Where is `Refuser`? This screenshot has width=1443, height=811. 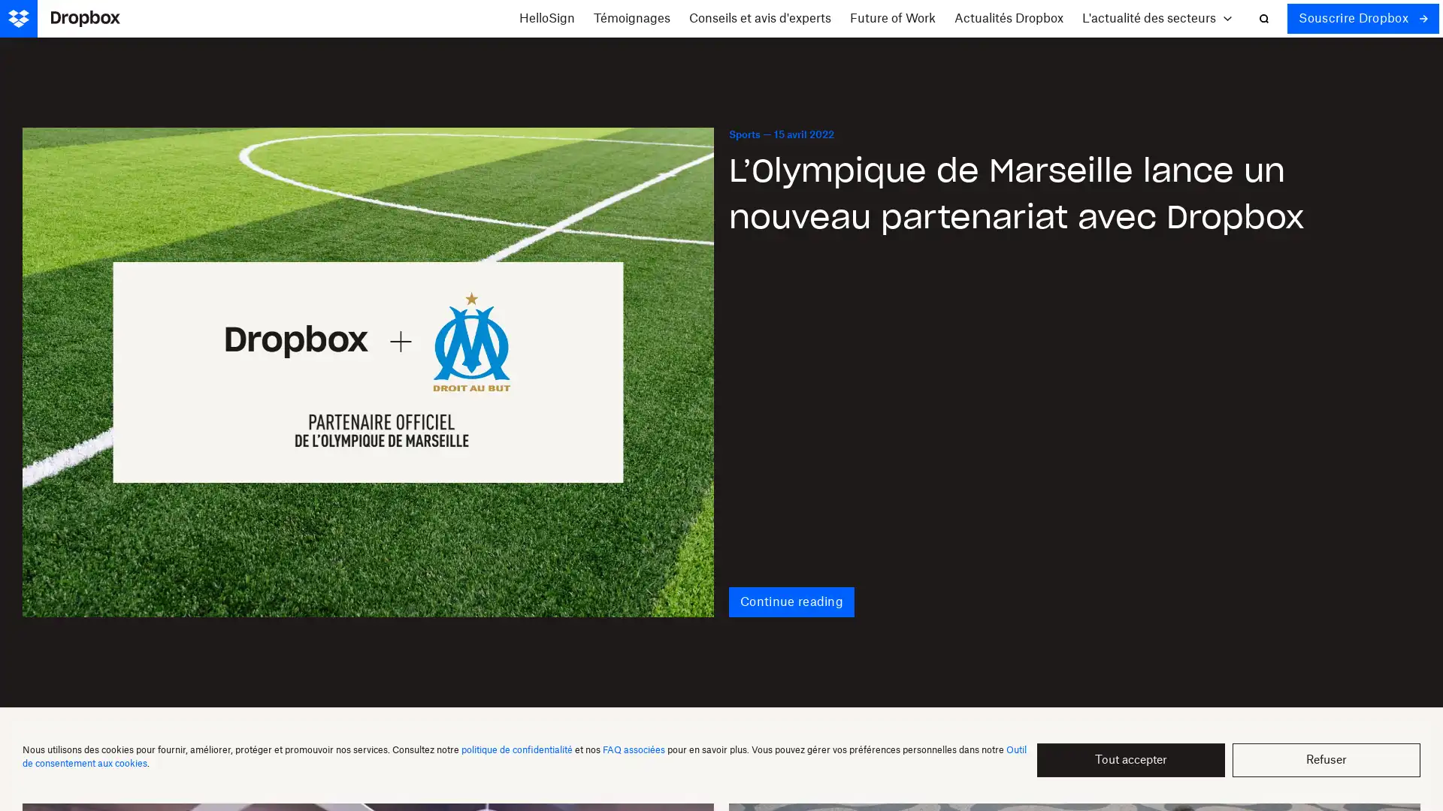
Refuser is located at coordinates (1327, 760).